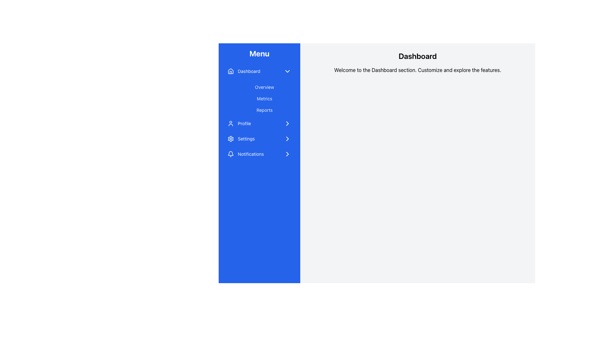  I want to click on the settings icon located in the vertical menu bar on the left, positioned between the 'Profile' and 'Notifications' menu items, so click(230, 138).